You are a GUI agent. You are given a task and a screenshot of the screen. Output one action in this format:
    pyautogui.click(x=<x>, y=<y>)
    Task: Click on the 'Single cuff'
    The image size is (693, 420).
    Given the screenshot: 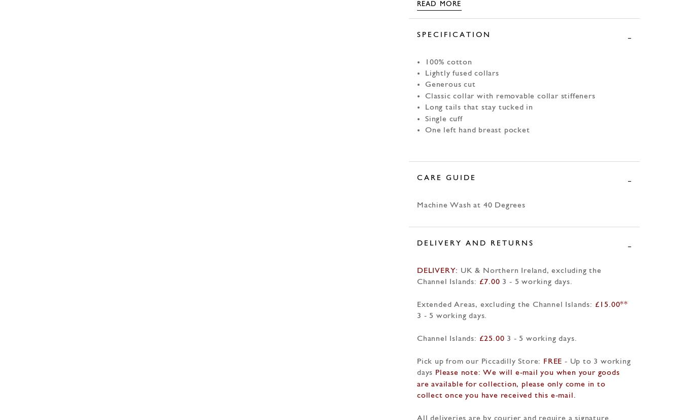 What is the action you would take?
    pyautogui.click(x=442, y=118)
    